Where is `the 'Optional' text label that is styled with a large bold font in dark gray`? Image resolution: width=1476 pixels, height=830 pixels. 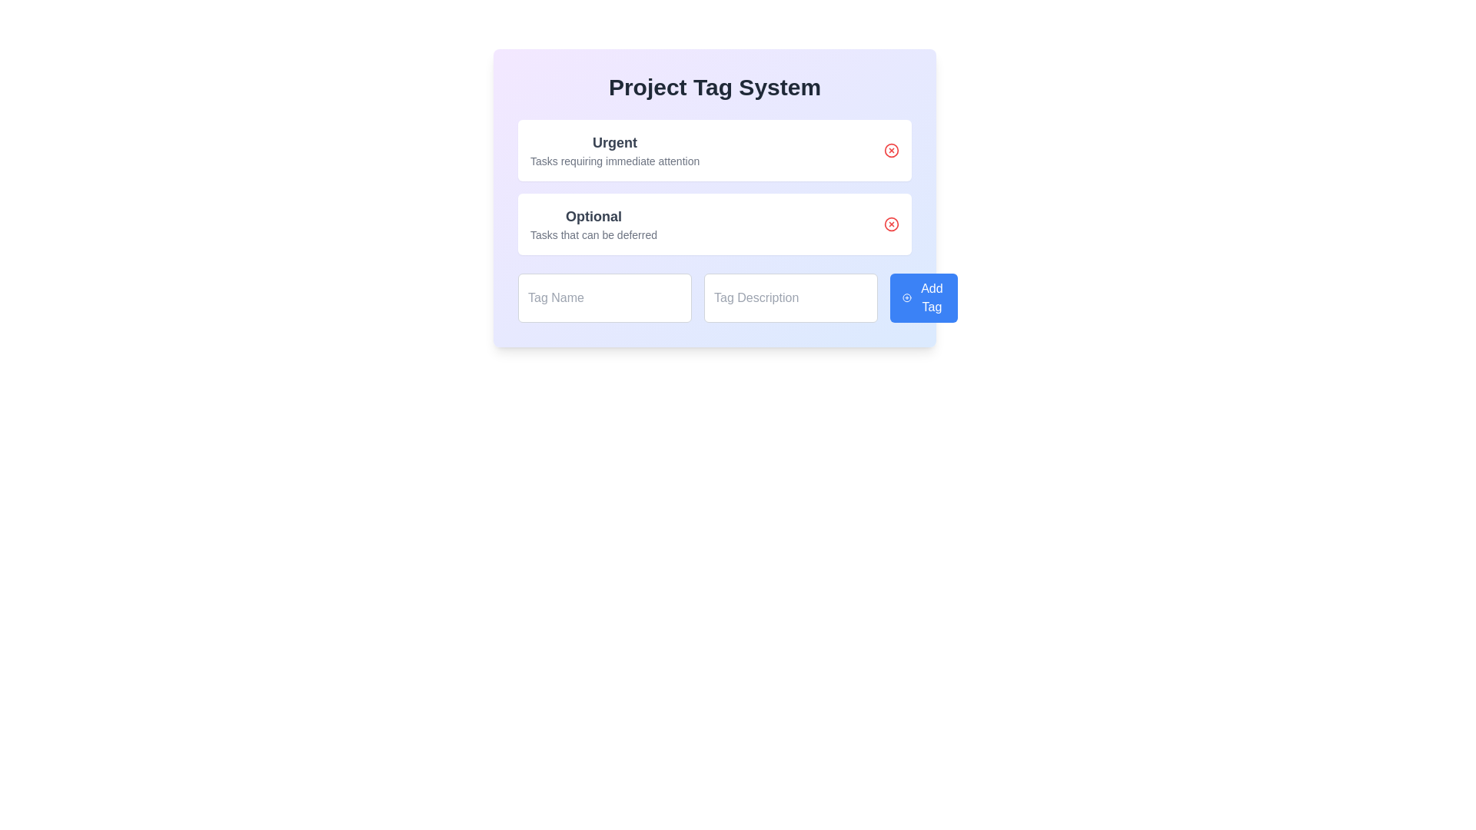
the 'Optional' text label that is styled with a large bold font in dark gray is located at coordinates (593, 216).